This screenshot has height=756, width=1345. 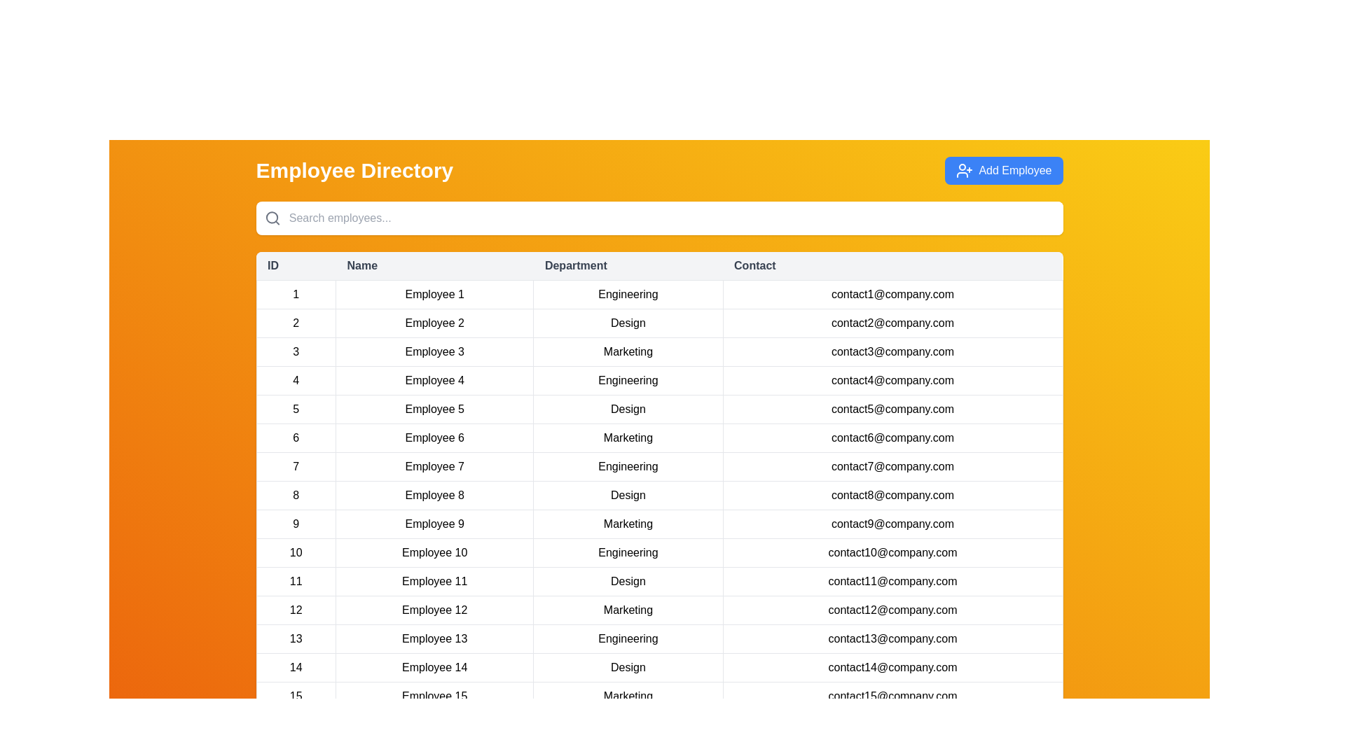 I want to click on the column header ID to sort the table by that column, so click(x=295, y=266).